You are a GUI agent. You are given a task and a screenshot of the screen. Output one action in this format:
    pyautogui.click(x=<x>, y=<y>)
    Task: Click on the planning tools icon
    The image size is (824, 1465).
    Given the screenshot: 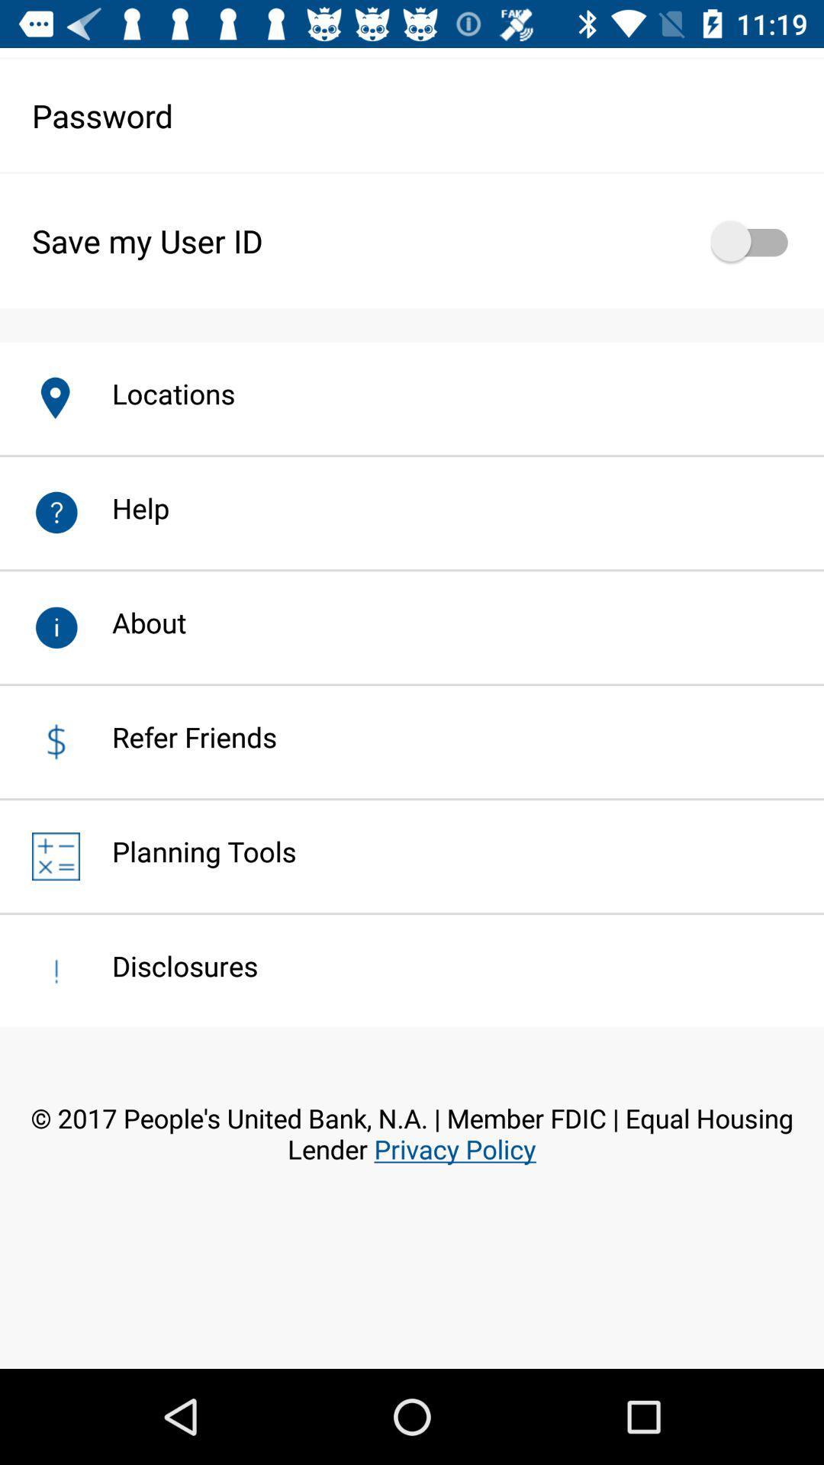 What is the action you would take?
    pyautogui.click(x=187, y=851)
    